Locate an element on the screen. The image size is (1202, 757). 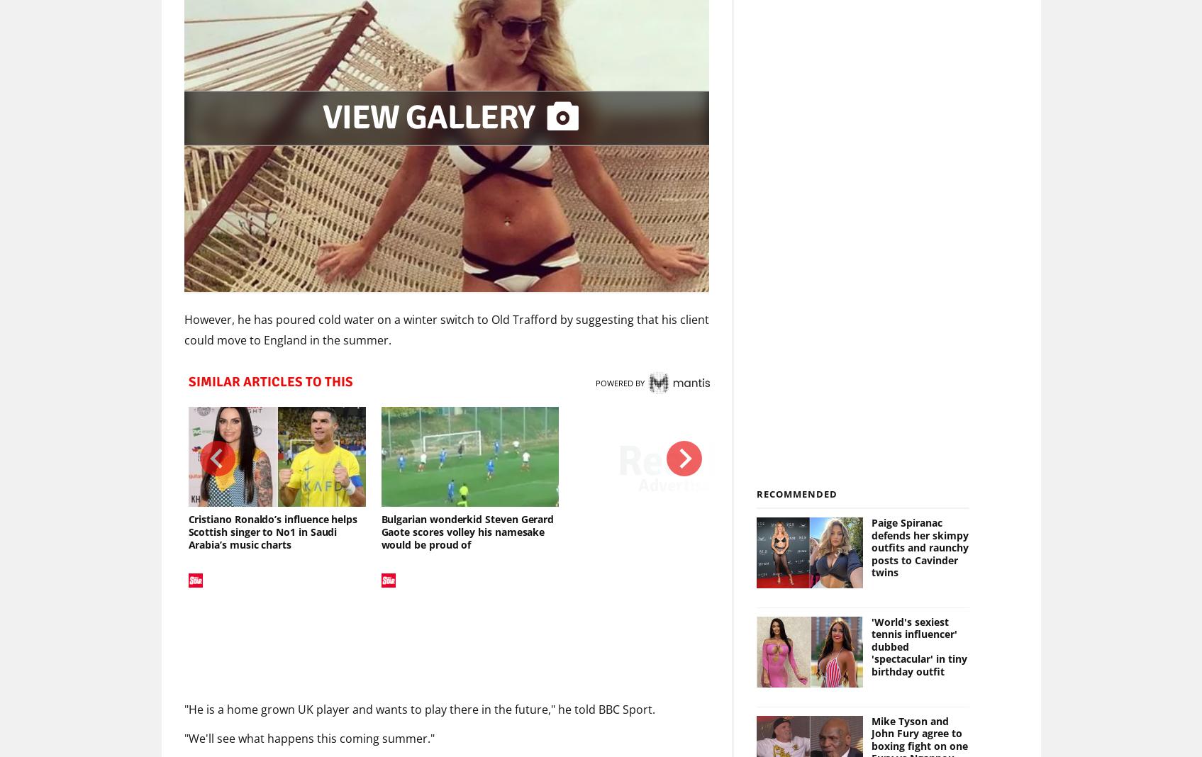
'Punches fly as Newcastle and Borussia Dortmund fans fight before Champions League clash' is located at coordinates (879, 532).